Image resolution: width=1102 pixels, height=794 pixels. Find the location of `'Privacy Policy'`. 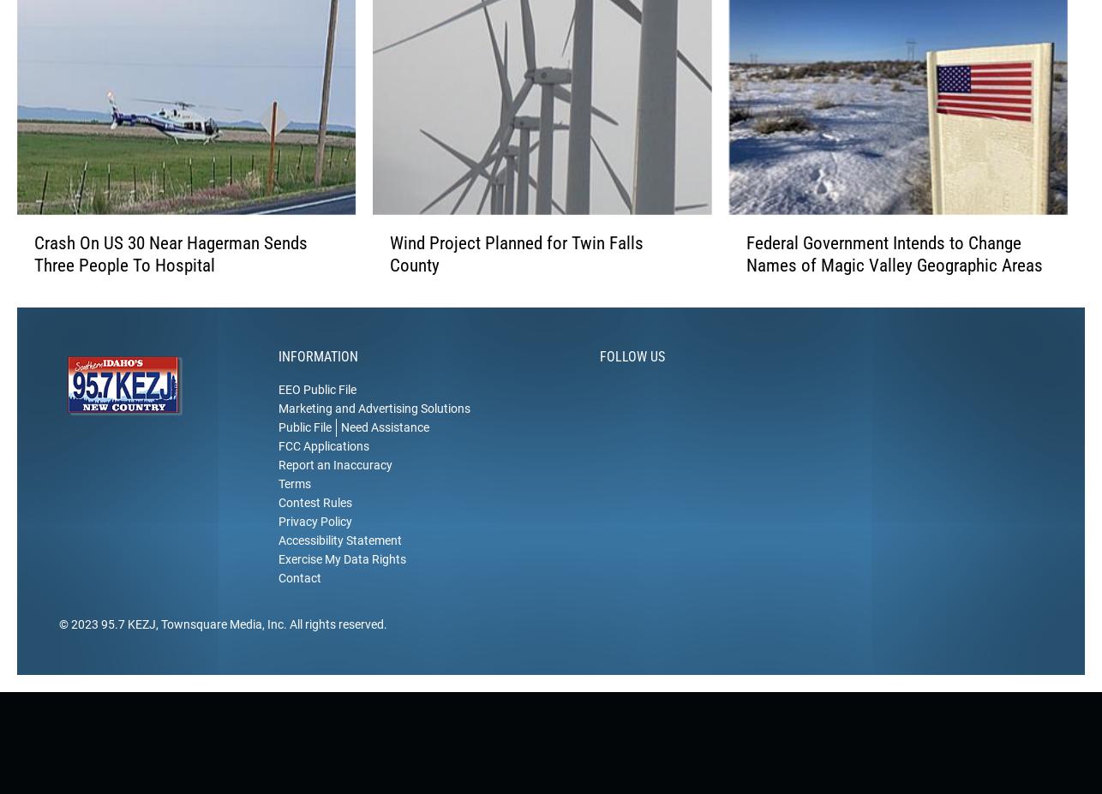

'Privacy Policy' is located at coordinates (314, 547).